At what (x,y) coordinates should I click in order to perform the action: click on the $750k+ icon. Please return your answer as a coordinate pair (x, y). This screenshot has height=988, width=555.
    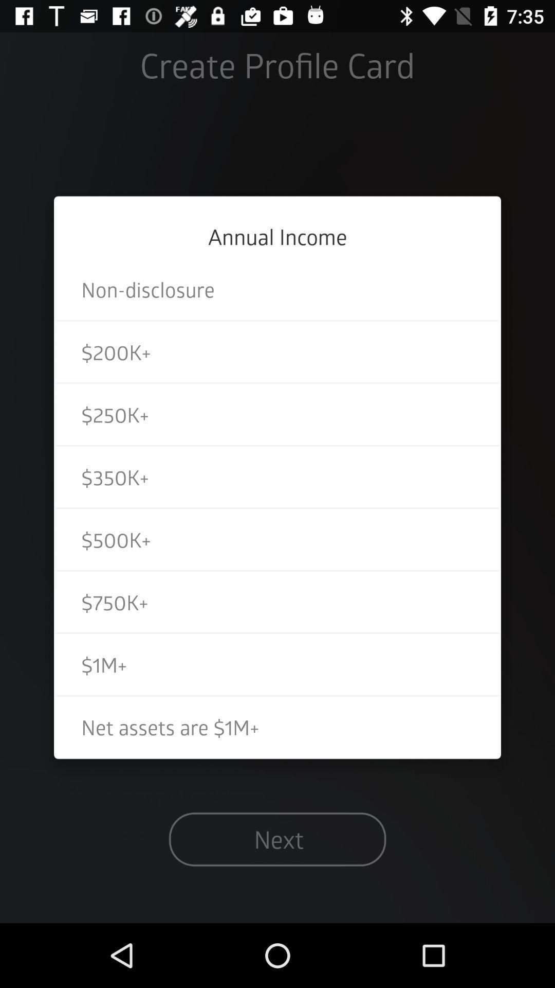
    Looking at the image, I should click on (277, 602).